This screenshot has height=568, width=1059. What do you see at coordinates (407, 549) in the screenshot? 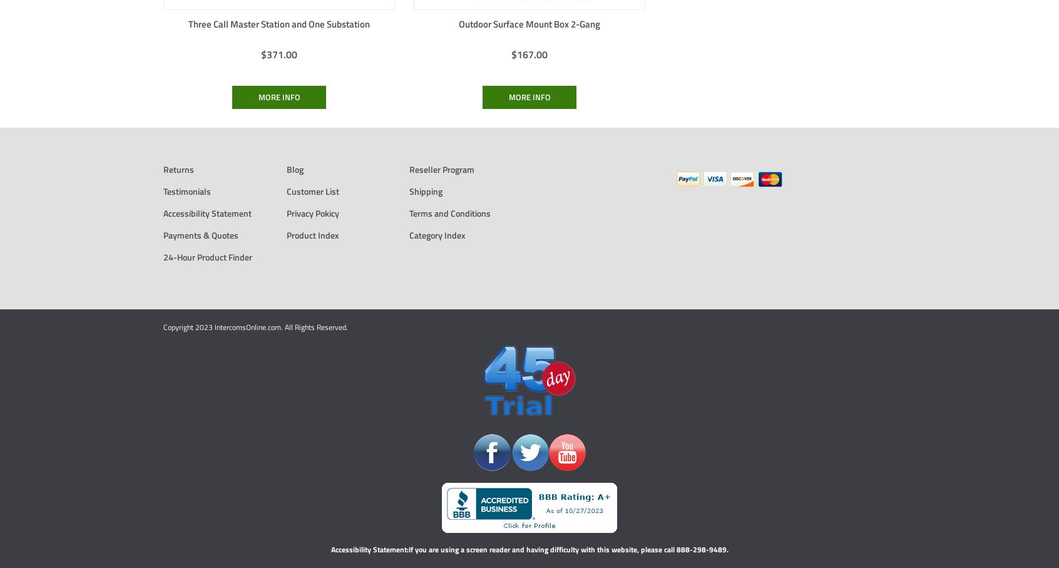
I see `':'` at bounding box center [407, 549].